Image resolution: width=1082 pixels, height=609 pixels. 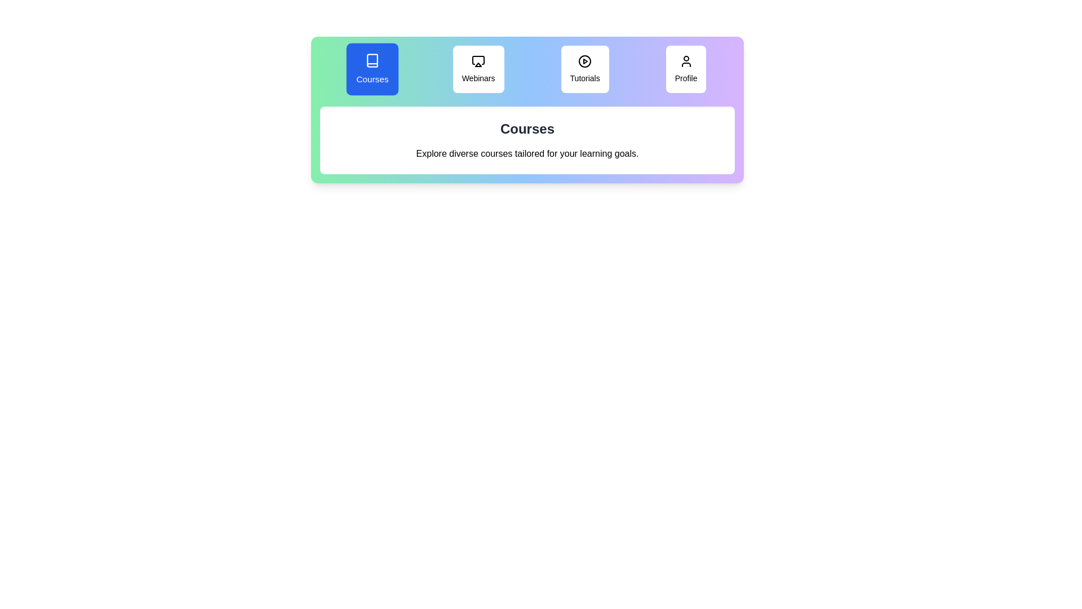 I want to click on the tab corresponding to Courses to display its content, so click(x=372, y=69).